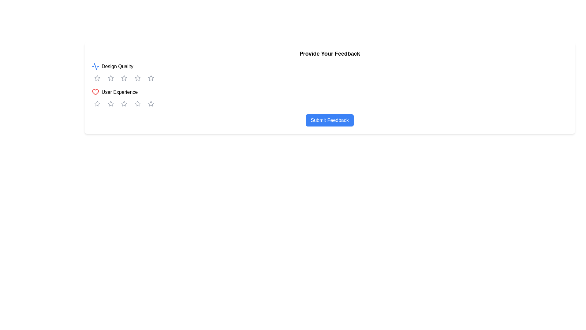 Image resolution: width=586 pixels, height=330 pixels. What do you see at coordinates (111, 78) in the screenshot?
I see `the second star icon in the horizontal array below the 'Design Quality' label` at bounding box center [111, 78].